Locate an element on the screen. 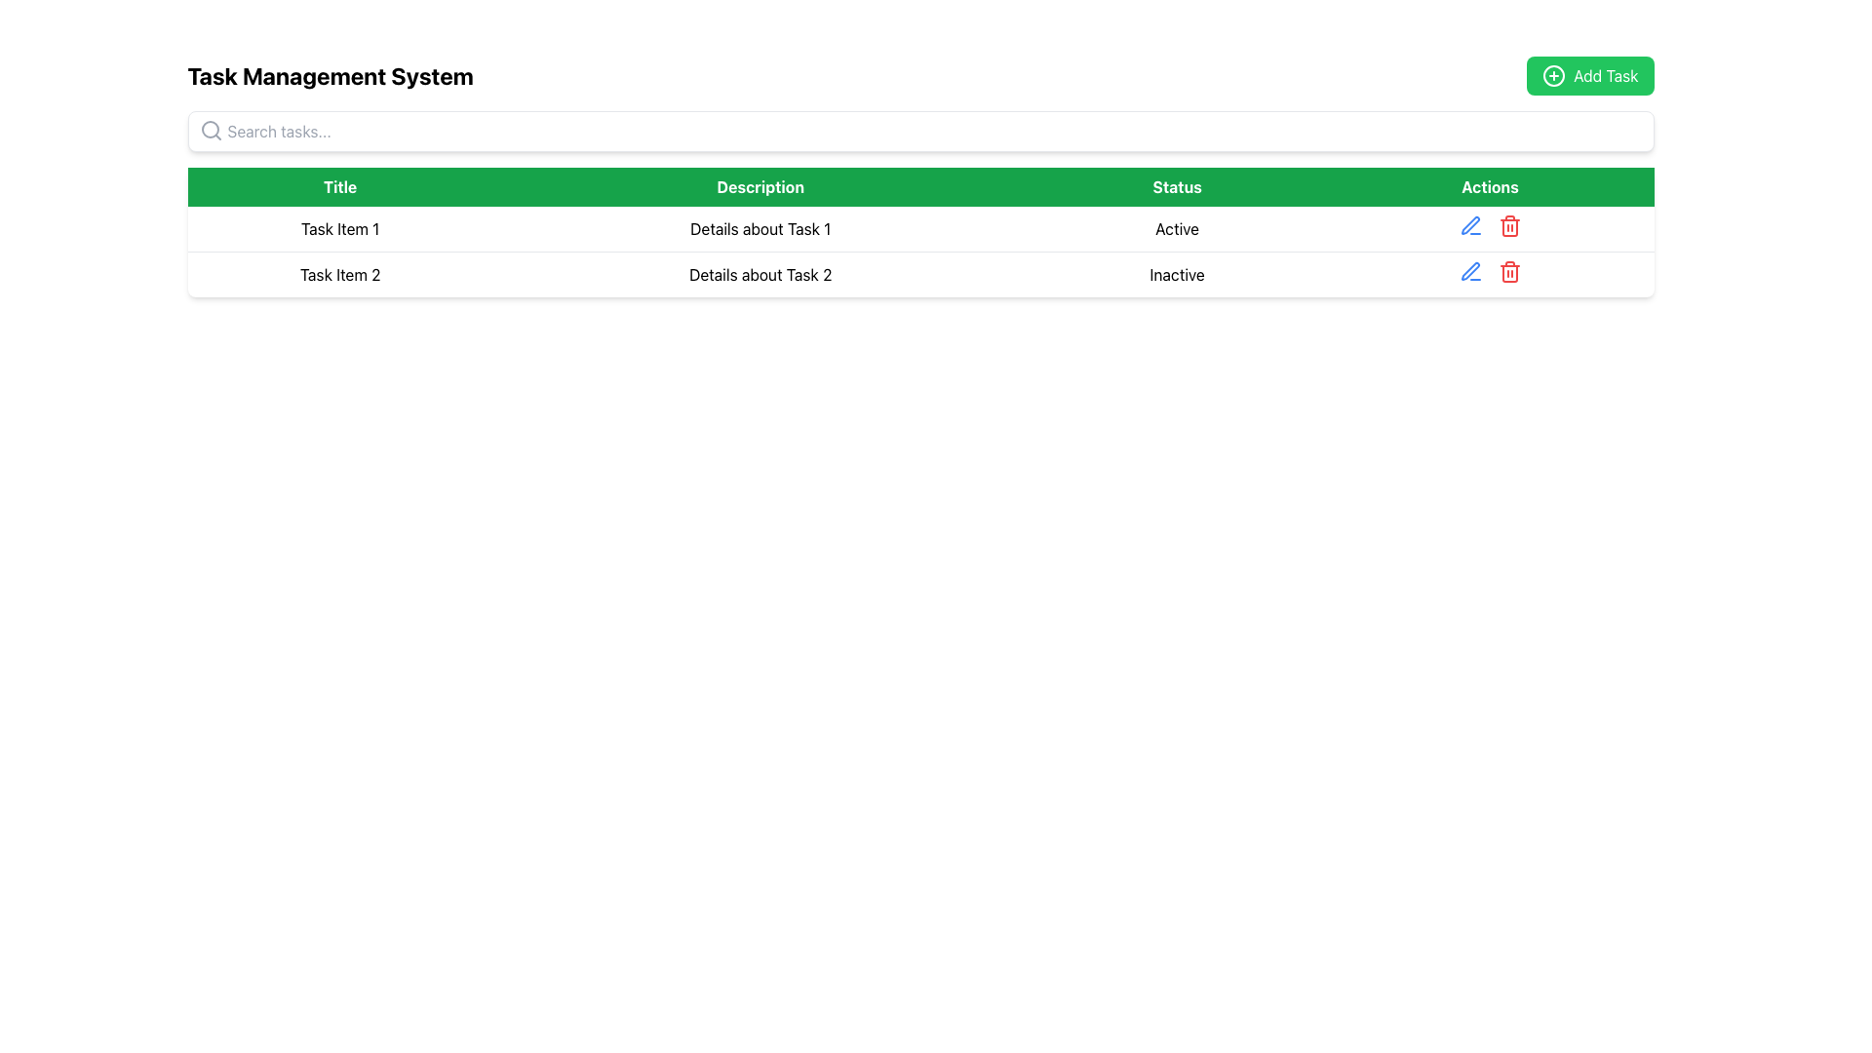  into the Search Input Field located near the top center of the interface, directly below the title 'Task Management System', to focus on it is located at coordinates (919, 132).